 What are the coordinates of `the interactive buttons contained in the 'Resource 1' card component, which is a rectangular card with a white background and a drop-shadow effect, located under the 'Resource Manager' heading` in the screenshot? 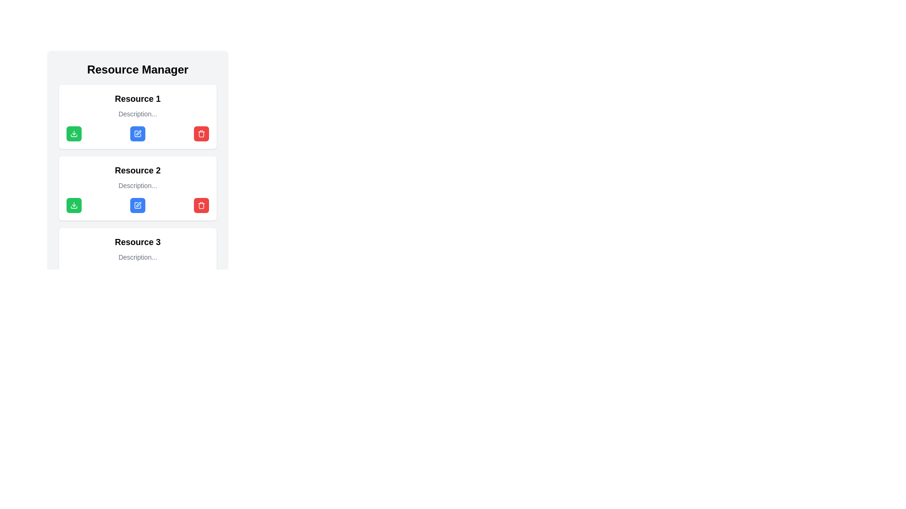 It's located at (137, 116).